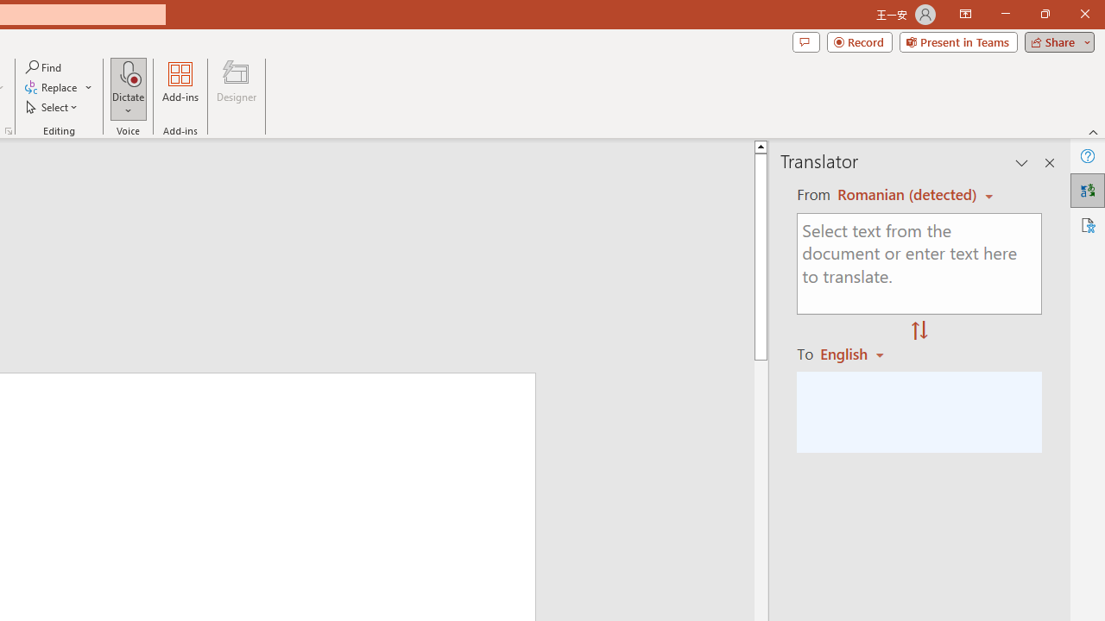  What do you see at coordinates (1093, 131) in the screenshot?
I see `'Collapse the Ribbon'` at bounding box center [1093, 131].